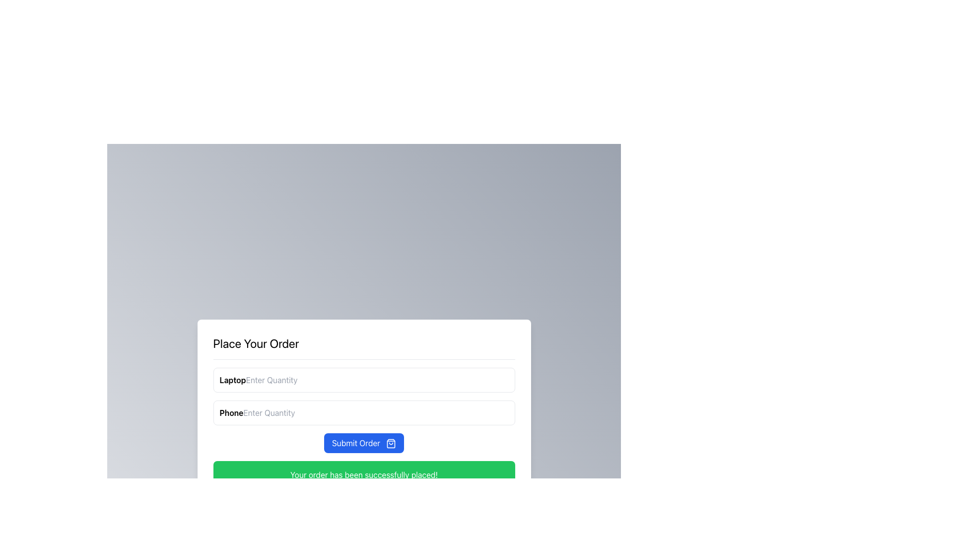  What do you see at coordinates (363, 380) in the screenshot?
I see `the input field for specifying the quantity of 'Laptop' in the order section using keyboard focus` at bounding box center [363, 380].